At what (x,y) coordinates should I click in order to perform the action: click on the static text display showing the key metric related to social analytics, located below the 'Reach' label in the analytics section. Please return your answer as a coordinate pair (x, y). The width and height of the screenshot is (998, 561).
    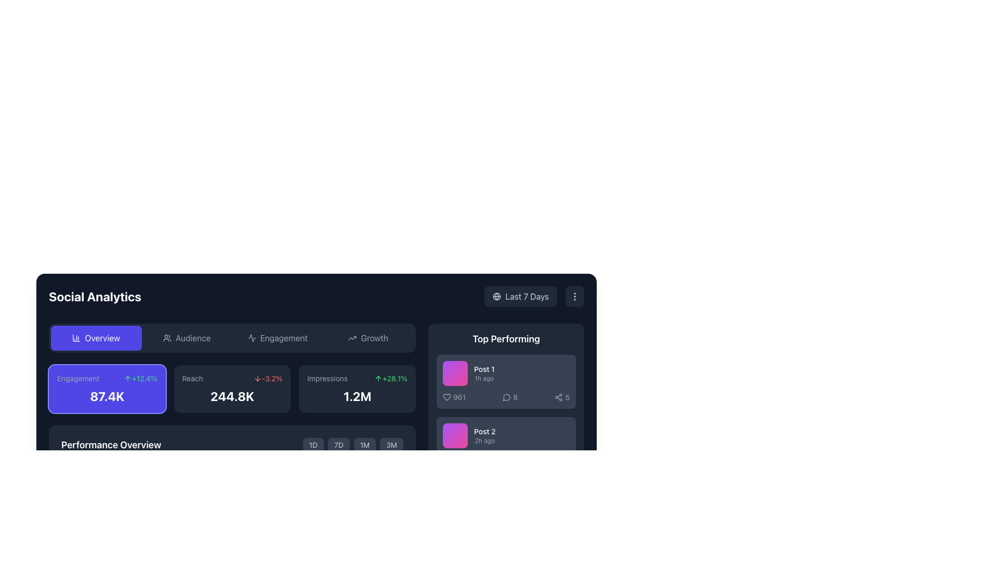
    Looking at the image, I should click on (231, 396).